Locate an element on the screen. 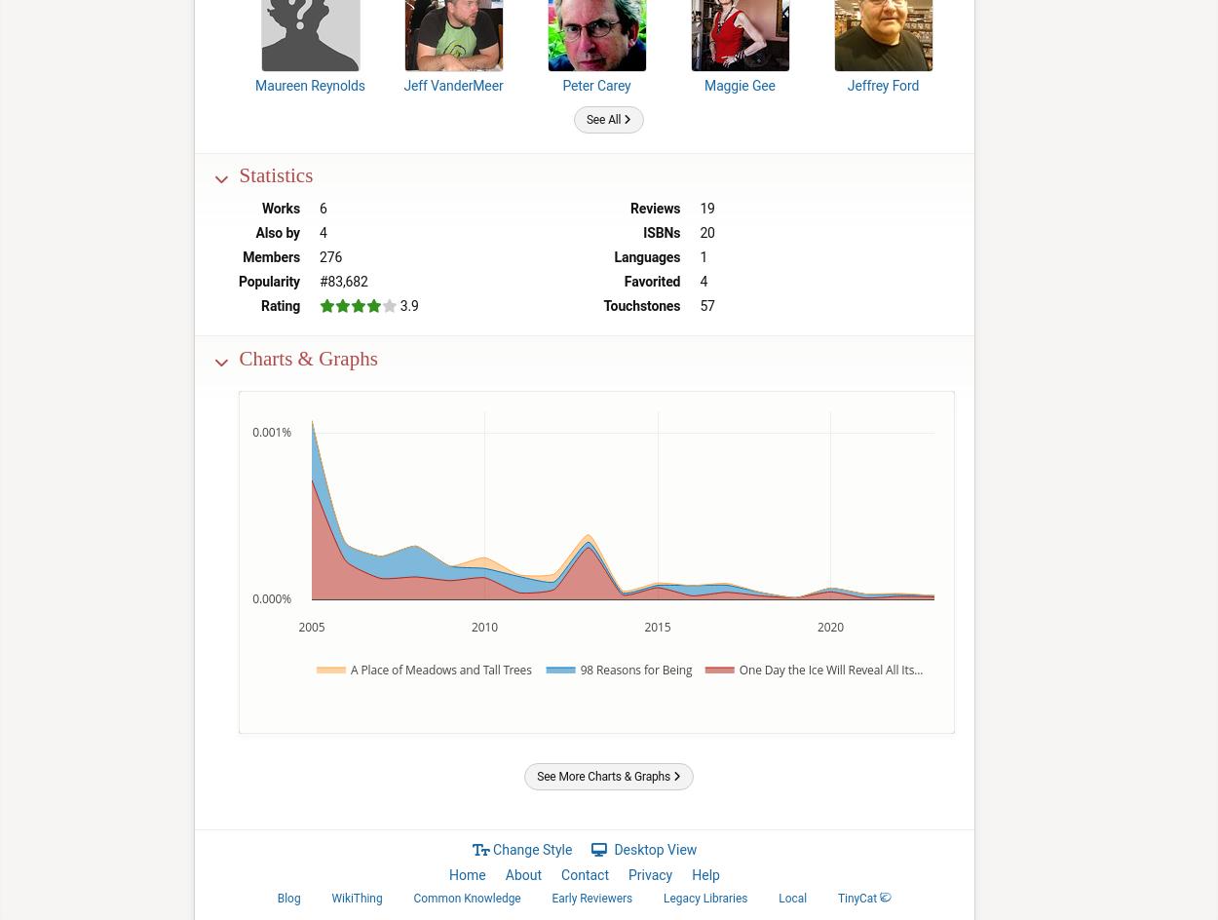  'Legacy Libraries' is located at coordinates (704, 896).